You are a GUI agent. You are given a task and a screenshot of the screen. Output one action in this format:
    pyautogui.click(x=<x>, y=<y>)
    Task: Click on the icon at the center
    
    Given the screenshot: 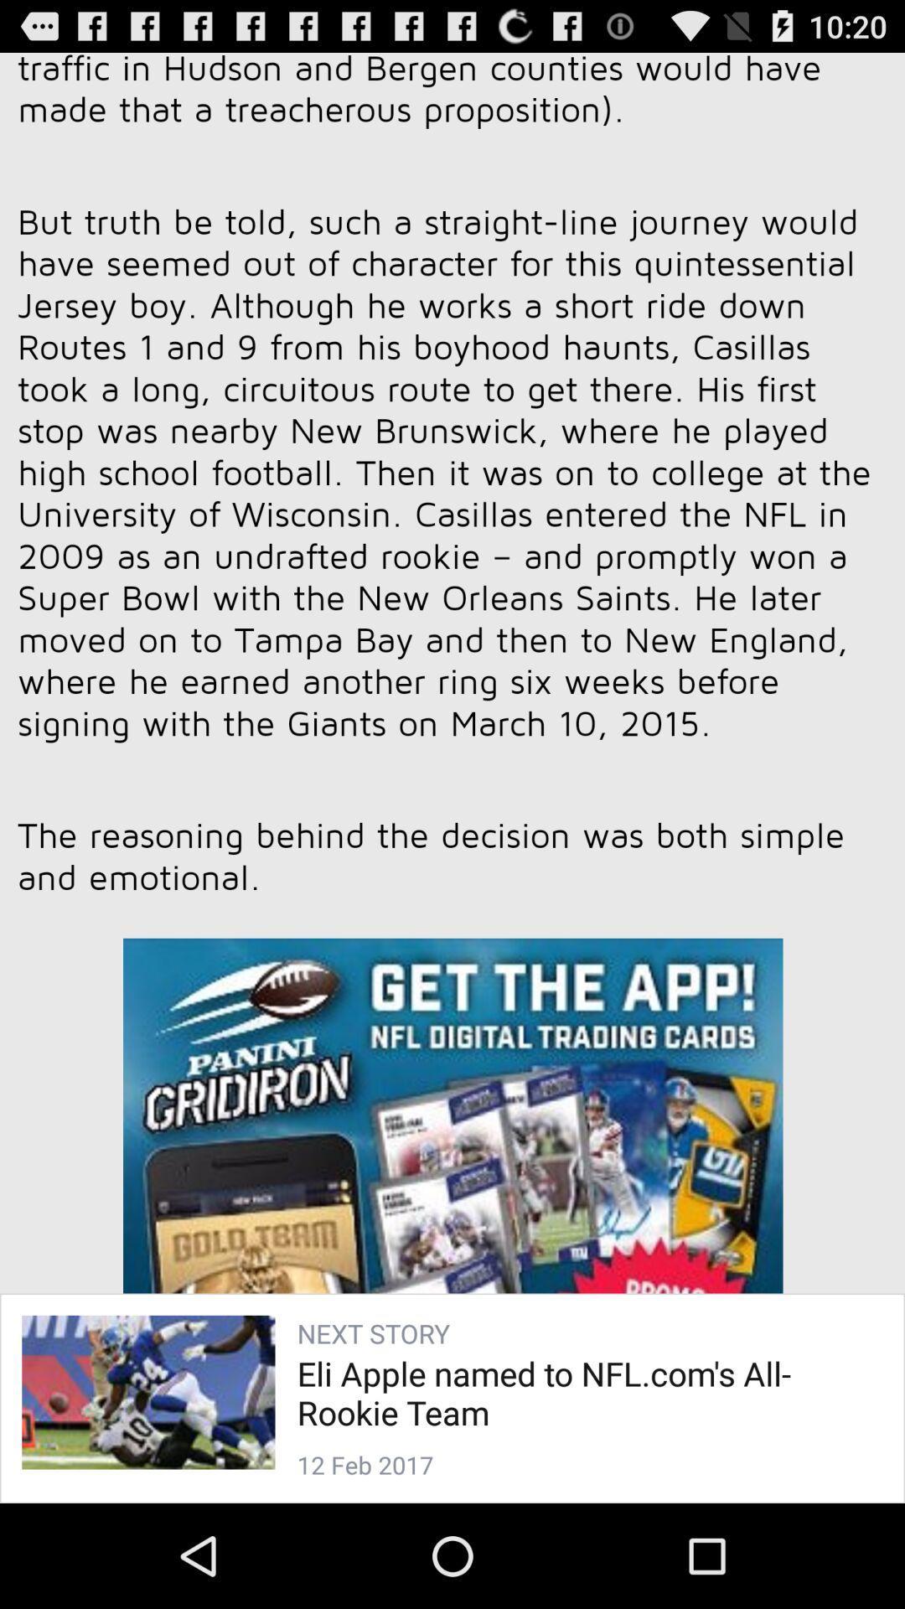 What is the action you would take?
    pyautogui.click(x=452, y=755)
    